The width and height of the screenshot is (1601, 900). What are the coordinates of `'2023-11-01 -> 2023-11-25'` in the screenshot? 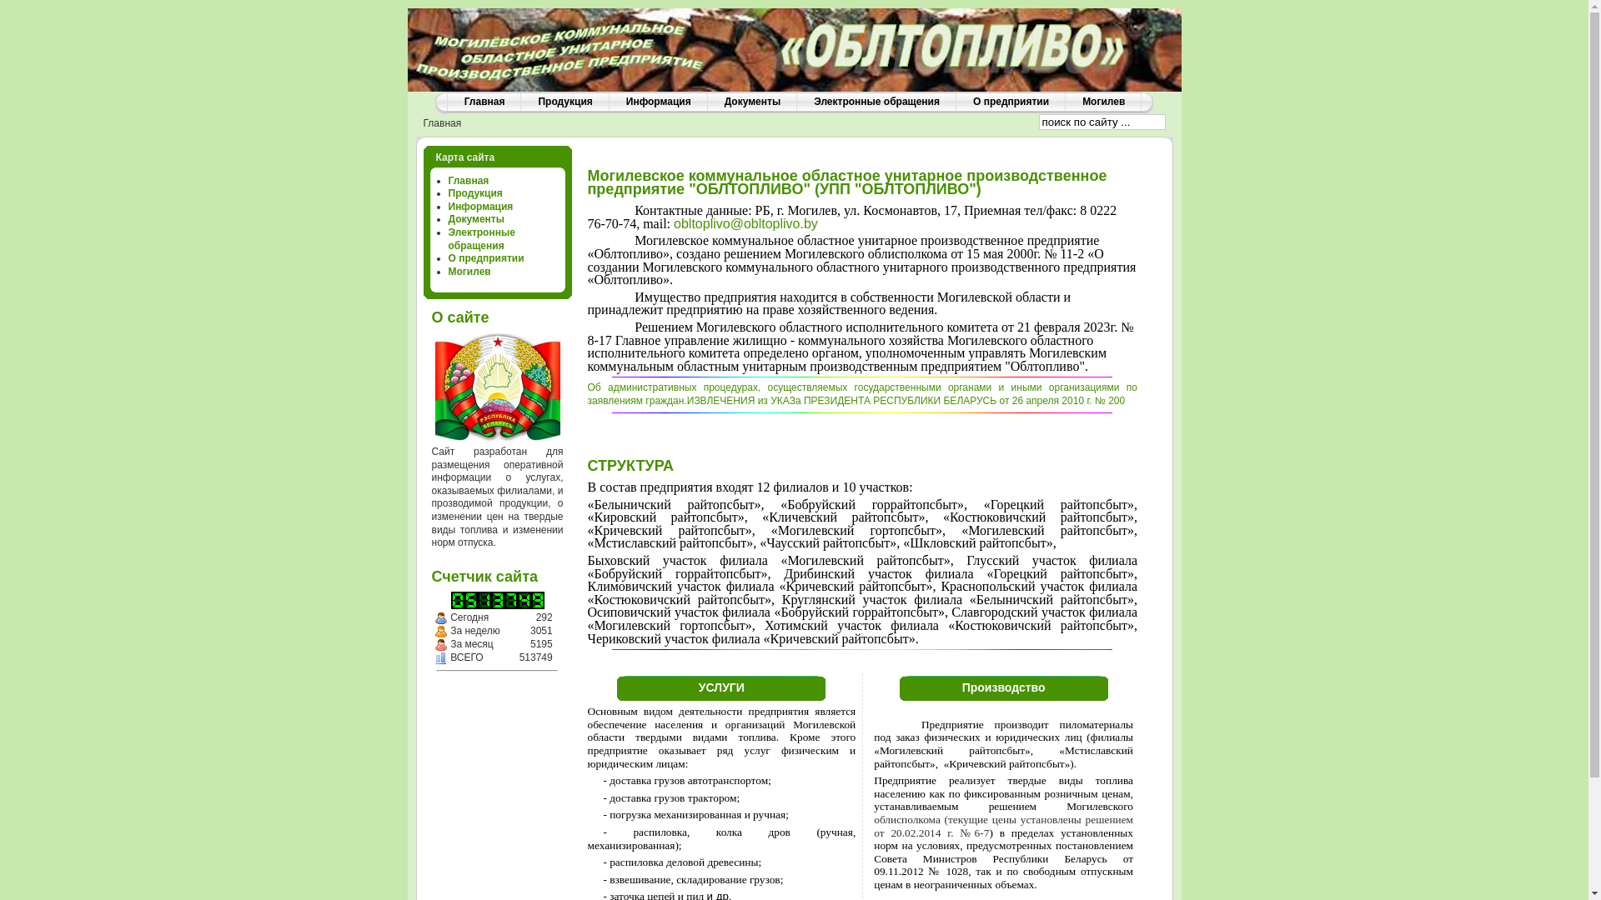 It's located at (440, 644).